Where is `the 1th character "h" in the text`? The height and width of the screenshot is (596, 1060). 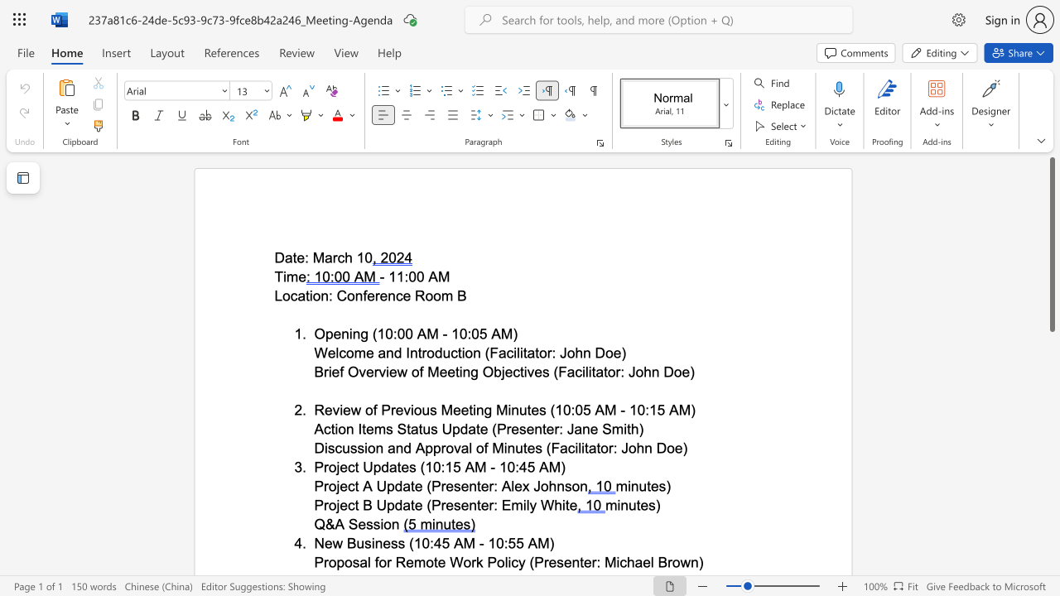
the 1th character "h" in the text is located at coordinates (348, 257).